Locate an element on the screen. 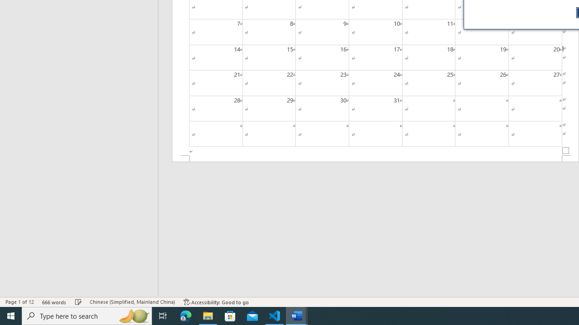 The height and width of the screenshot is (325, 579). 'Microsoft Store' is located at coordinates (230, 315).